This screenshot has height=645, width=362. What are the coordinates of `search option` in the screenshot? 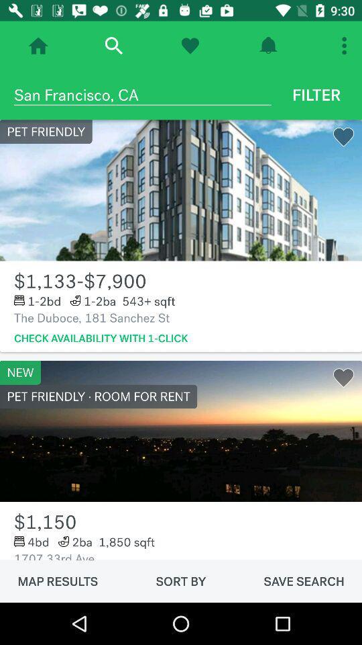 It's located at (113, 46).